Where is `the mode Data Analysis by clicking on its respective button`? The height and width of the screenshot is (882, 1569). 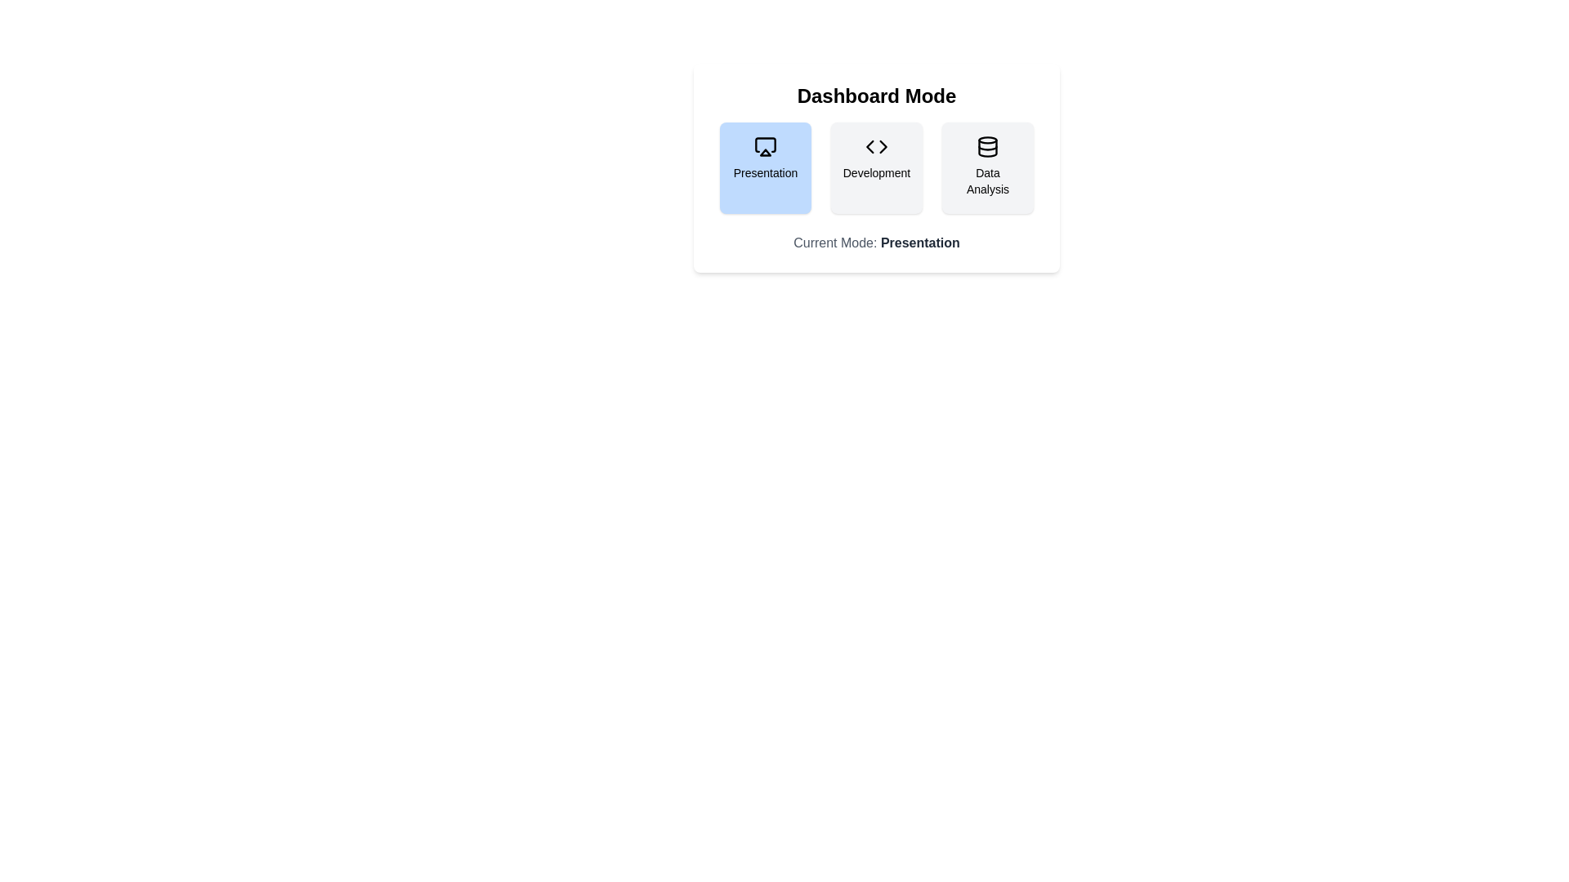 the mode Data Analysis by clicking on its respective button is located at coordinates (987, 167).